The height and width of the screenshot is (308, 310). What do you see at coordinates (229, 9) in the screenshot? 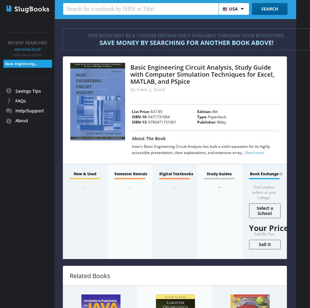
I see `'USA'` at bounding box center [229, 9].